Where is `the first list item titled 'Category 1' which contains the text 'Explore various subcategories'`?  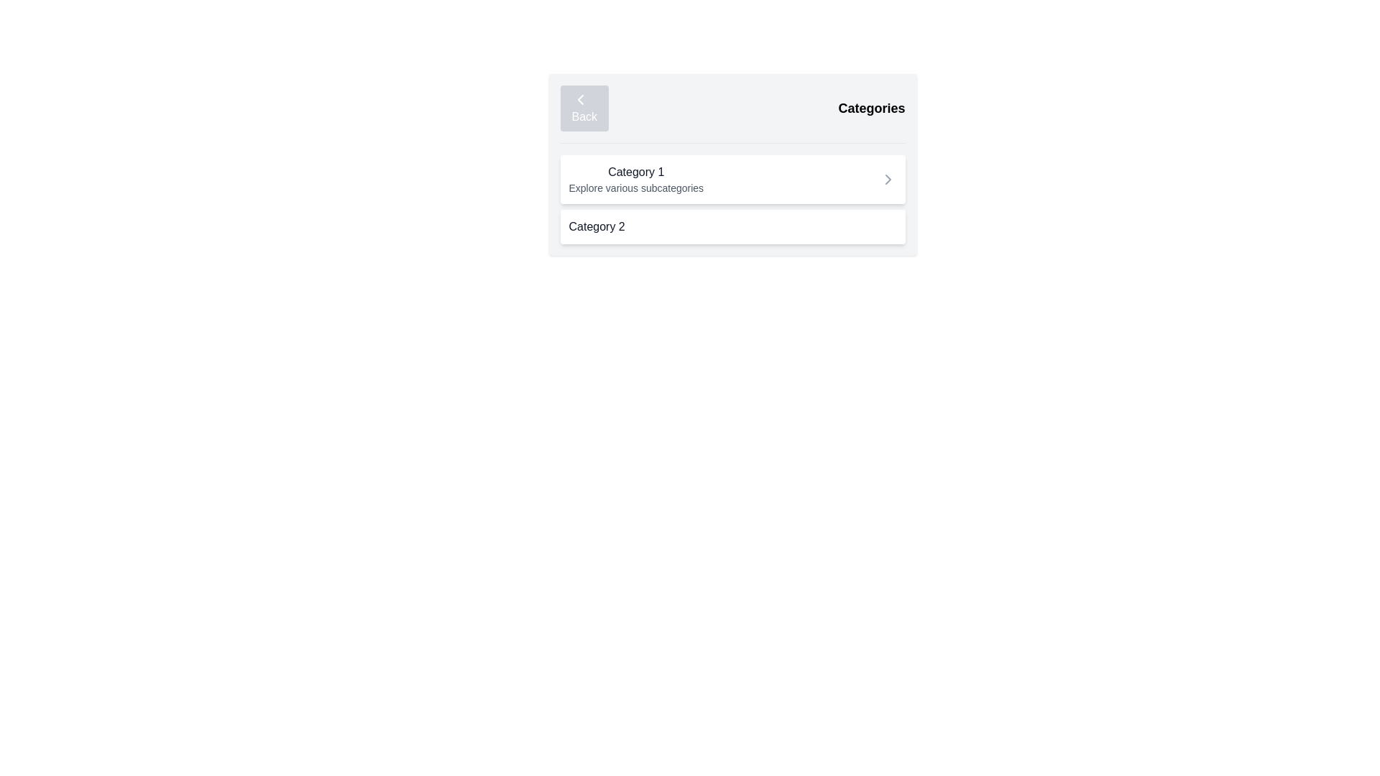
the first list item titled 'Category 1' which contains the text 'Explore various subcategories' is located at coordinates (732, 199).